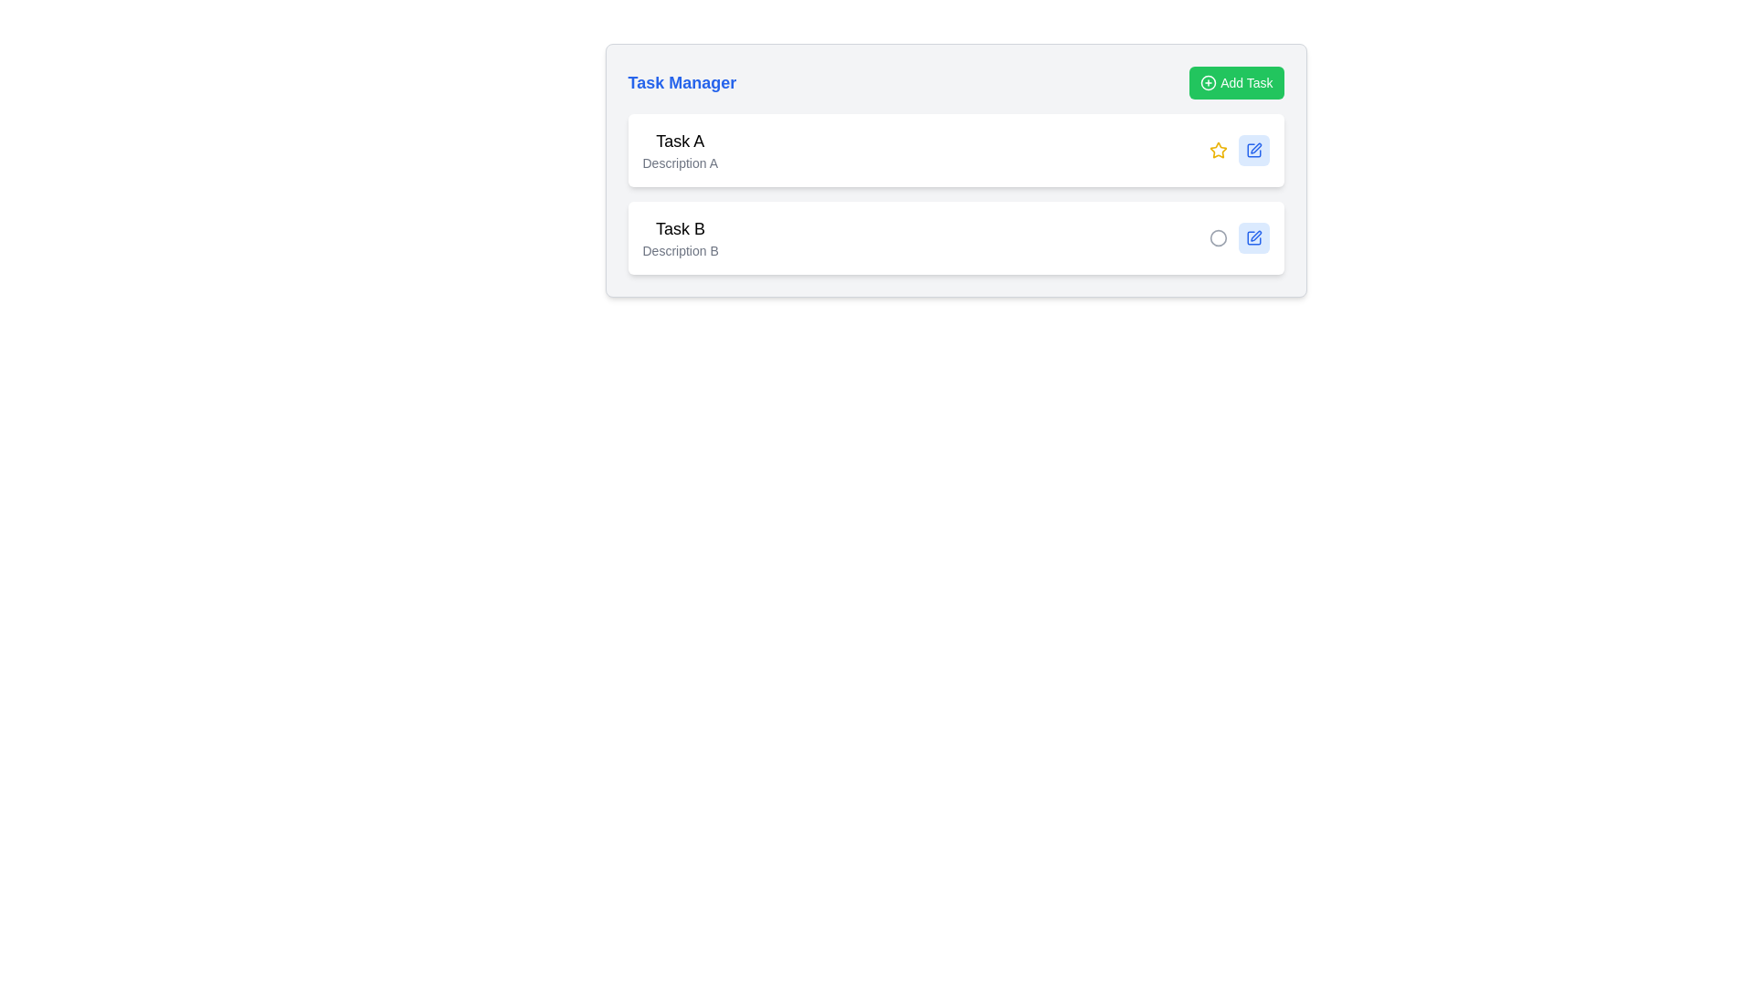 The image size is (1754, 986). I want to click on the pen icon located to the right of the descriptive text for Task A in the task list interface, so click(1254, 147).